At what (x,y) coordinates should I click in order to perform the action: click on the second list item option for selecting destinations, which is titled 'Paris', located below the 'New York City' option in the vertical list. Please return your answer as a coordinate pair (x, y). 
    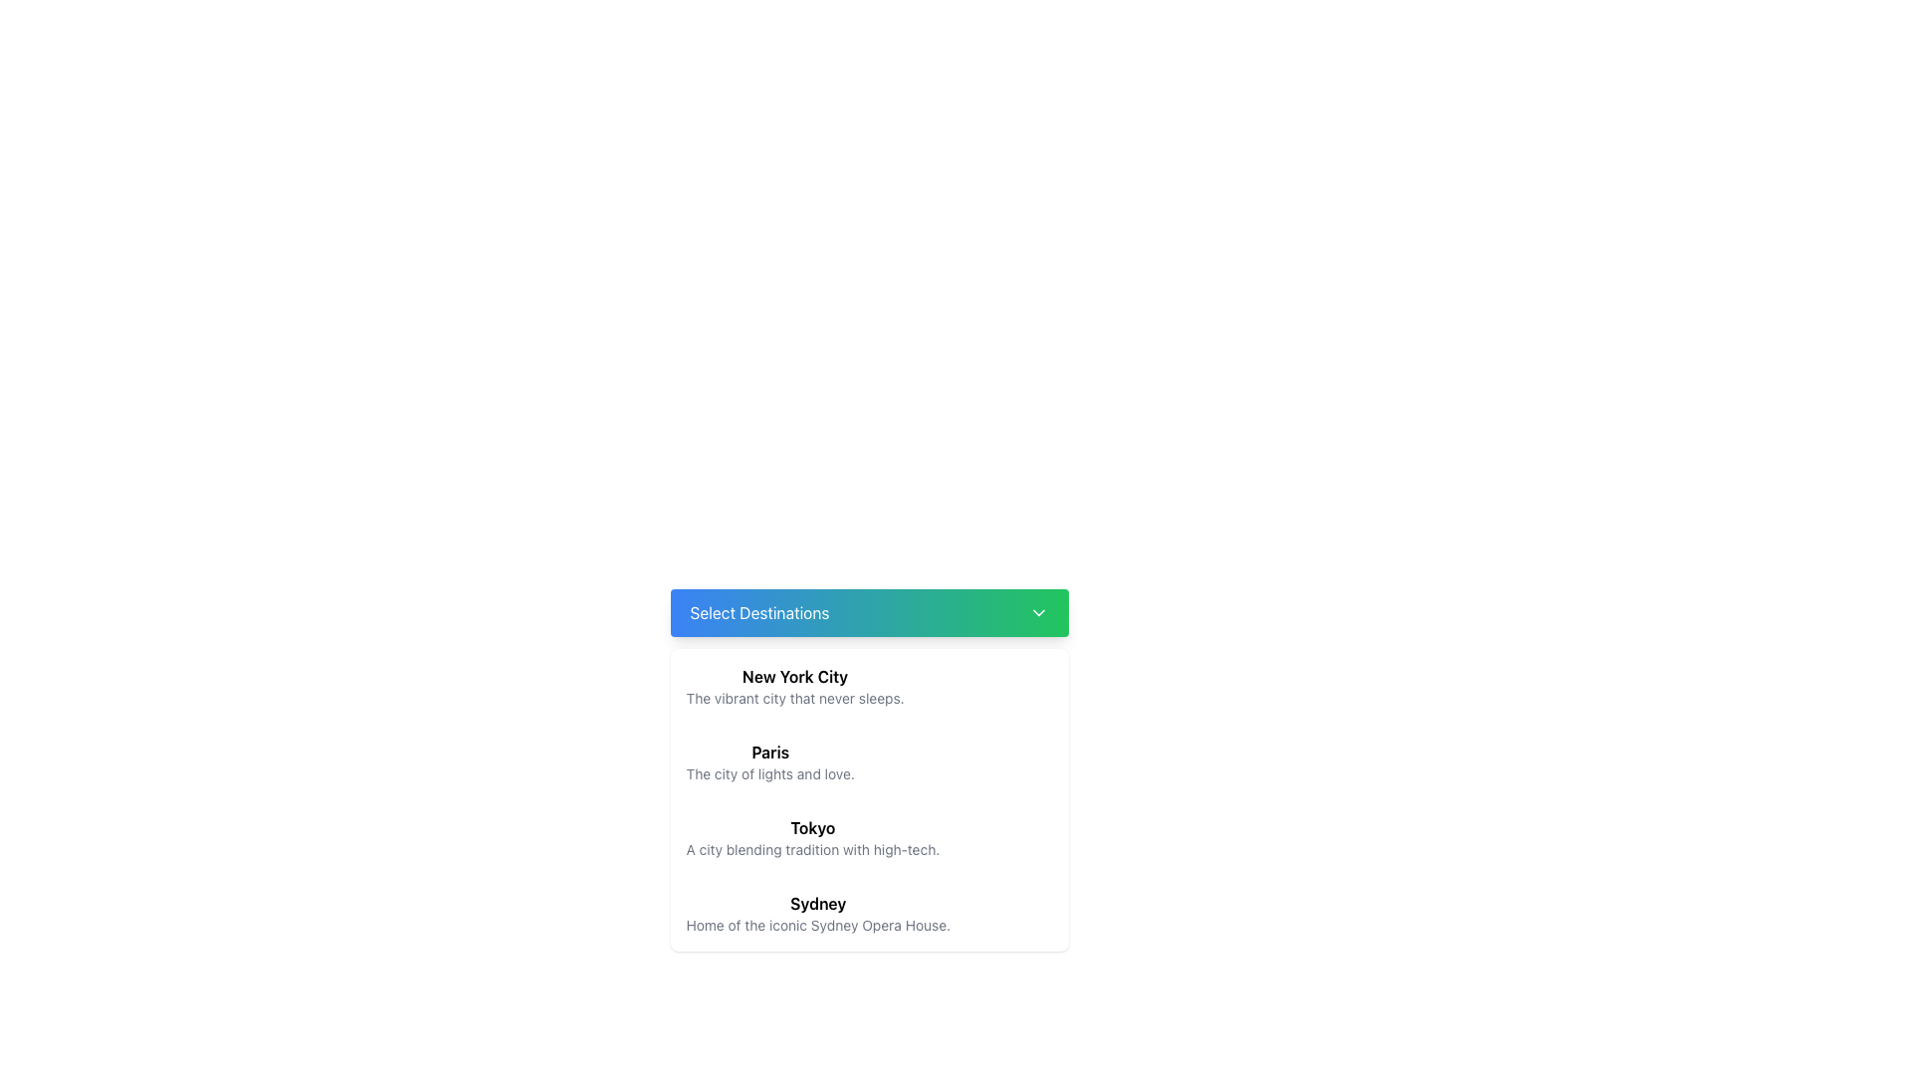
    Looking at the image, I should click on (869, 769).